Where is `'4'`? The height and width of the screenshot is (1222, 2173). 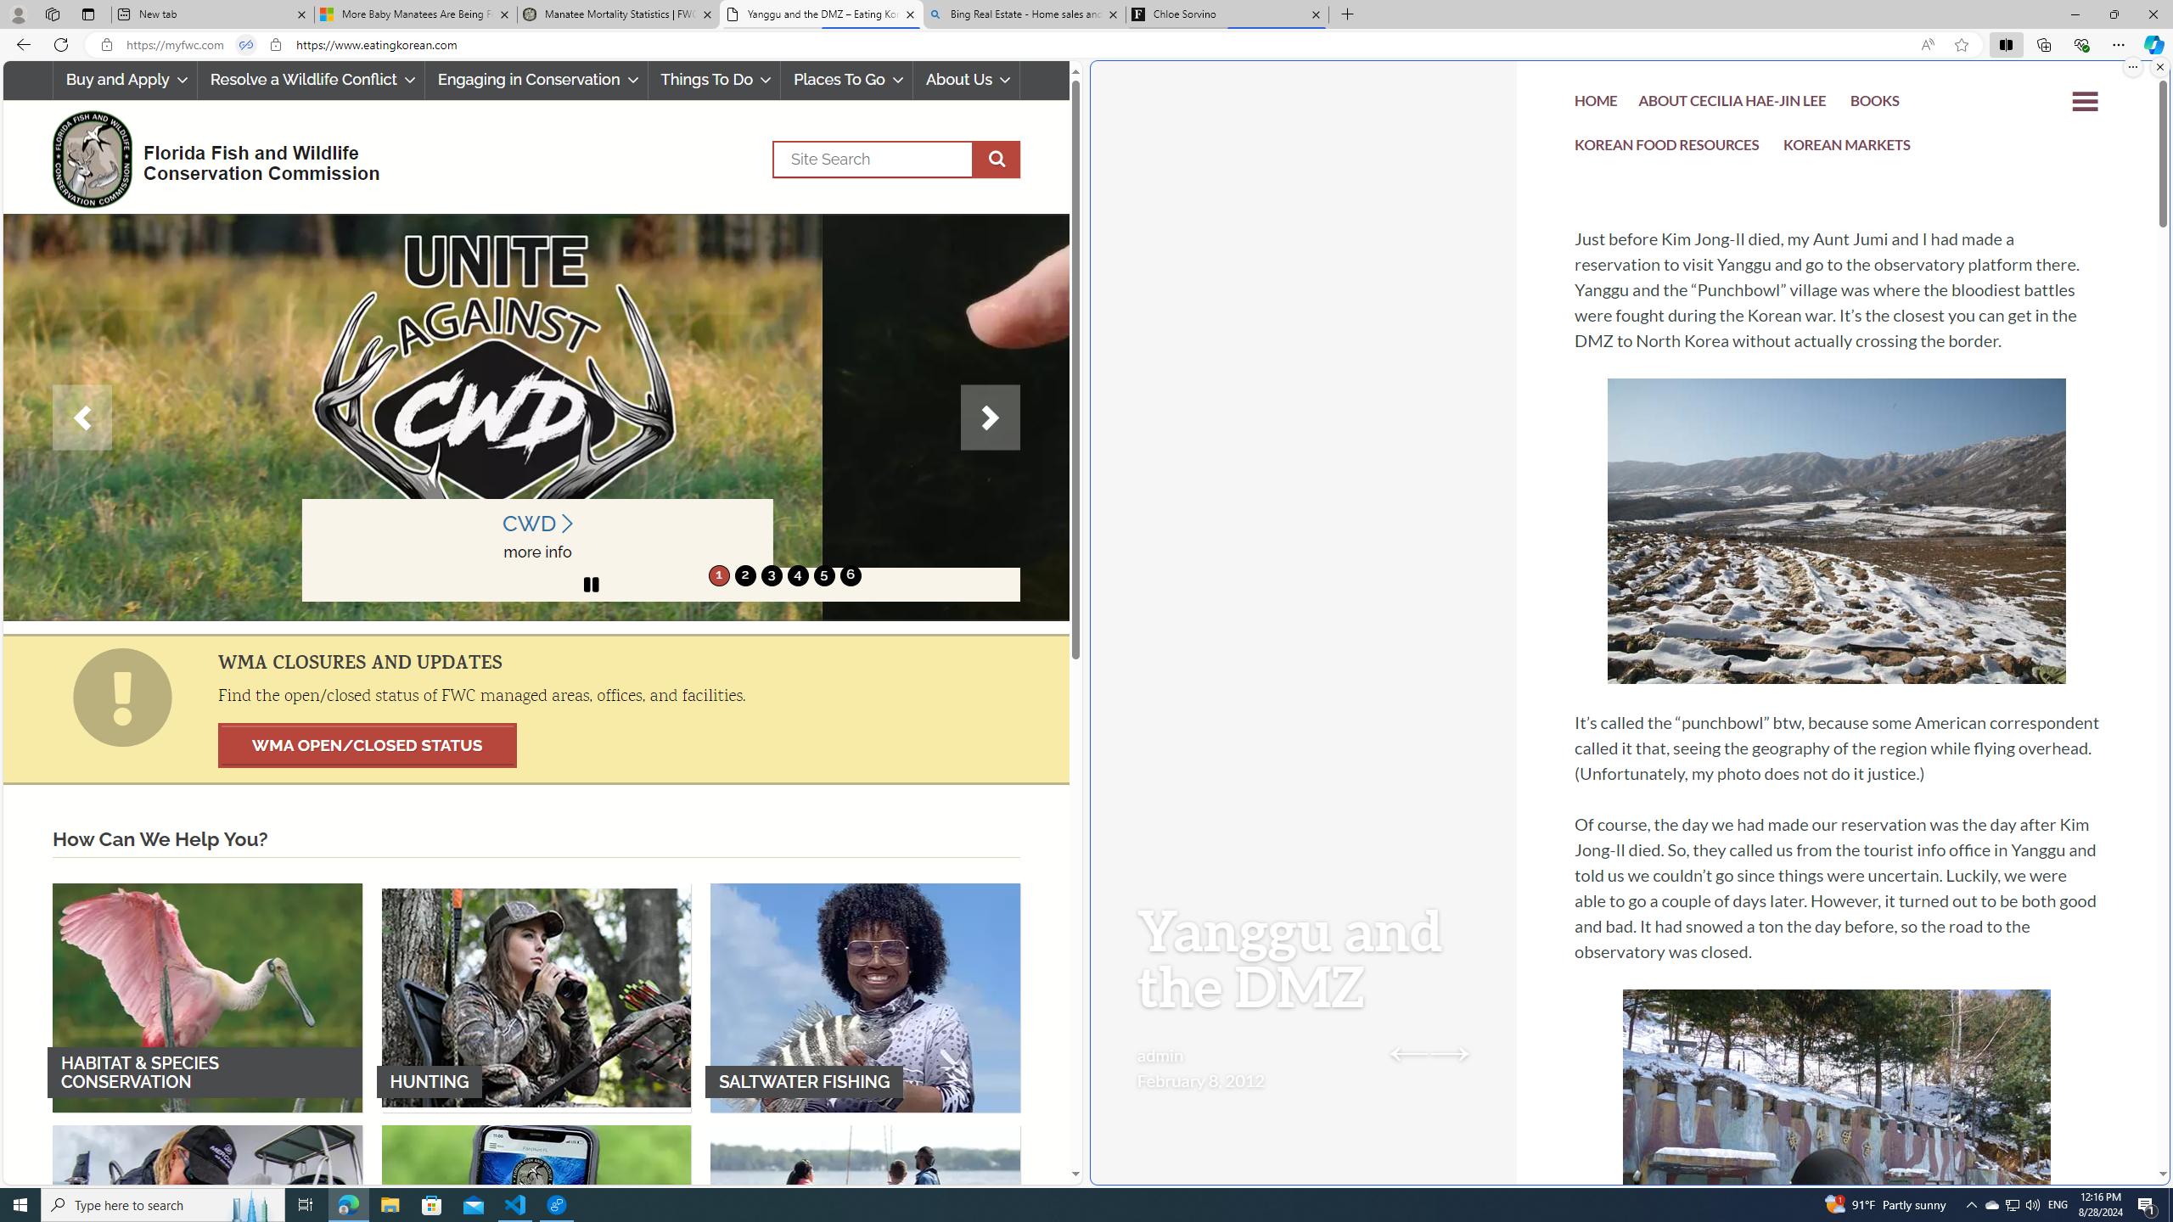
'4' is located at coordinates (796, 575).